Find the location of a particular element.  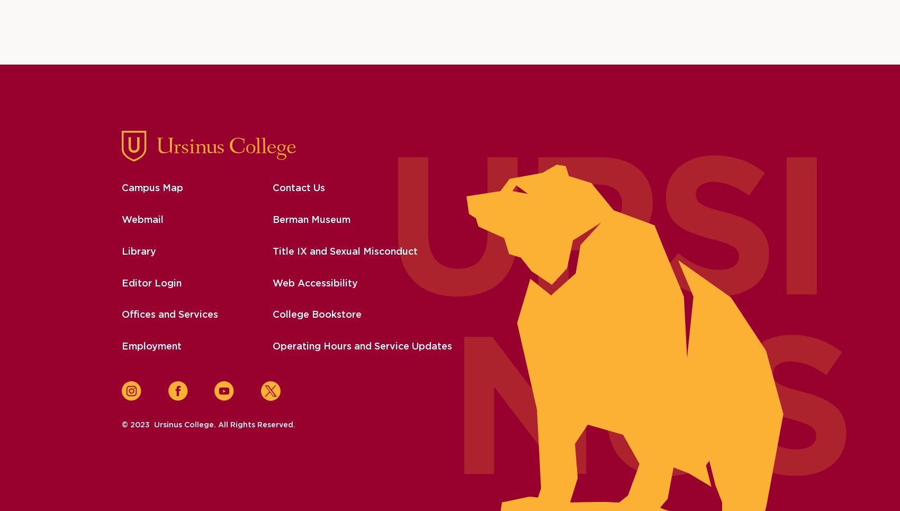

'Berman Museum' is located at coordinates (272, 220).